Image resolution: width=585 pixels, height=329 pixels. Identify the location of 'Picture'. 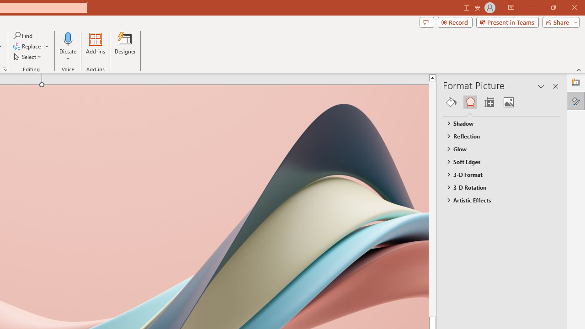
(508, 102).